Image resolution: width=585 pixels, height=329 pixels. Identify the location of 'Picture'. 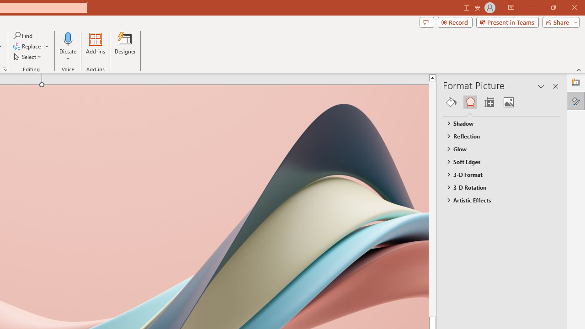
(508, 102).